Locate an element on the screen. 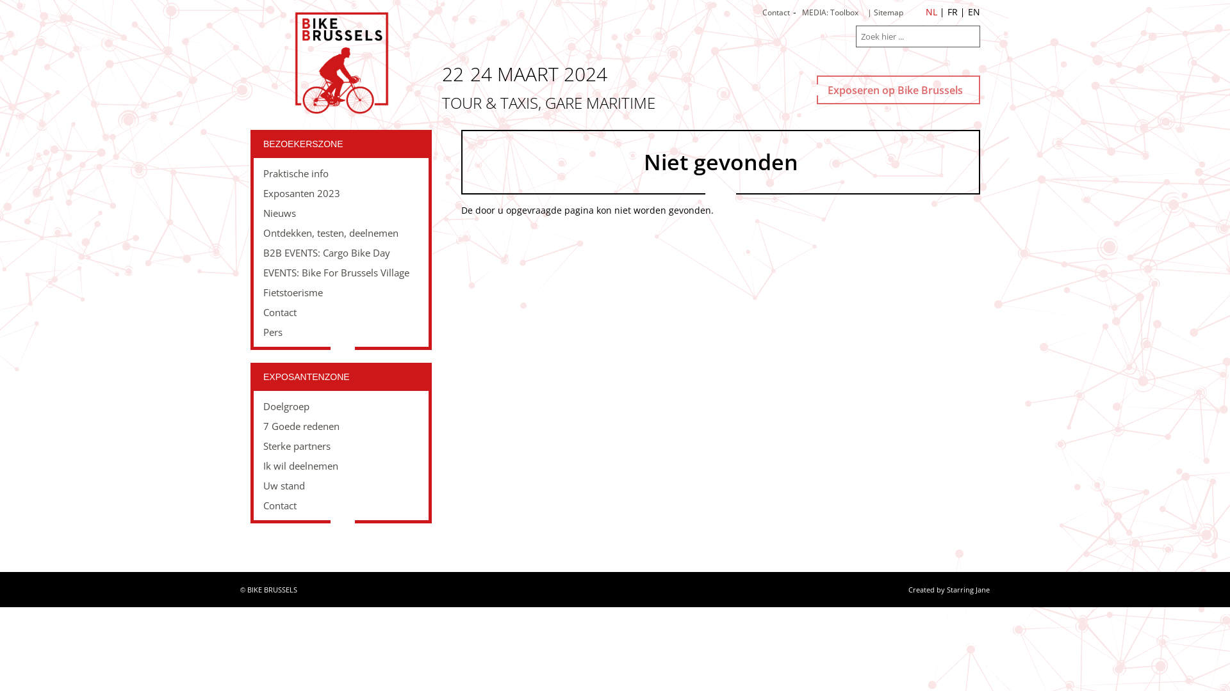  'Uw stand' is located at coordinates (341, 486).